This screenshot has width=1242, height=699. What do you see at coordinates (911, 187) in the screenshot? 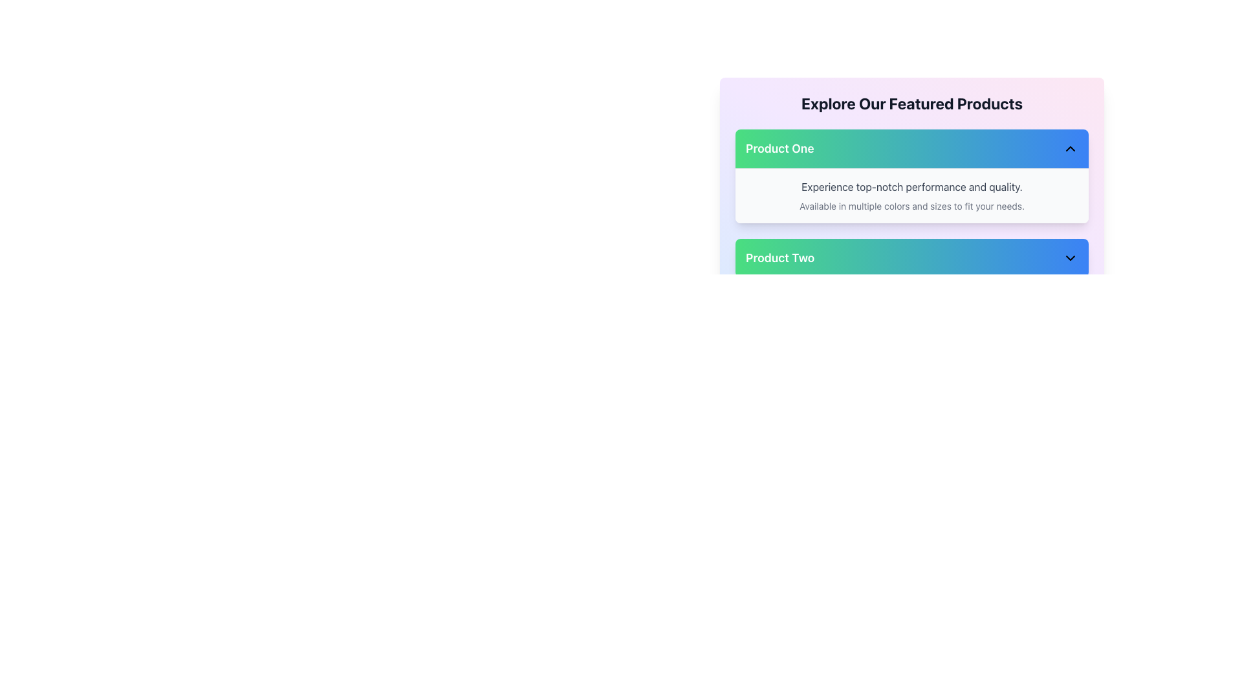
I see `description text 'Experience top-notch performance and quality.' located directly beneath the 'Product One' title` at bounding box center [911, 187].